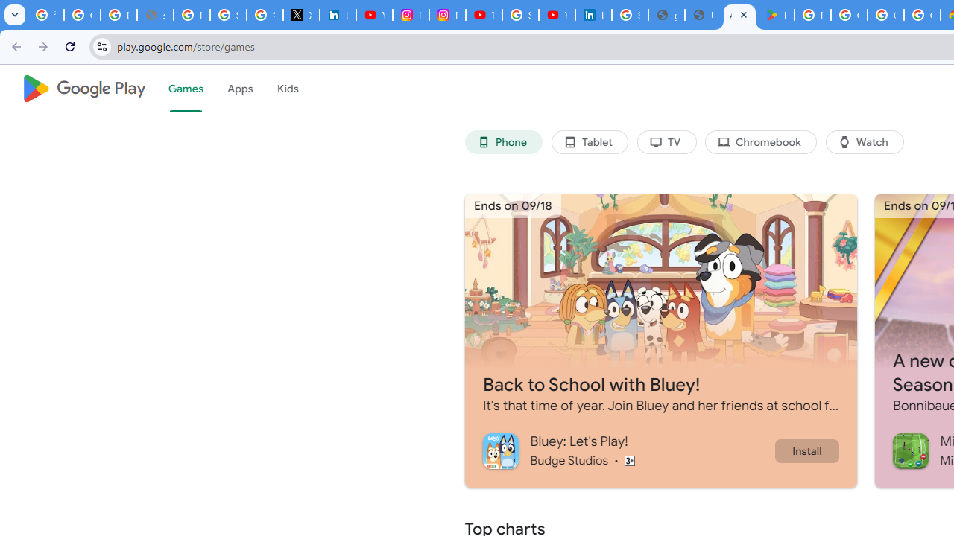 This screenshot has height=536, width=954. I want to click on 'Phone', so click(503, 142).